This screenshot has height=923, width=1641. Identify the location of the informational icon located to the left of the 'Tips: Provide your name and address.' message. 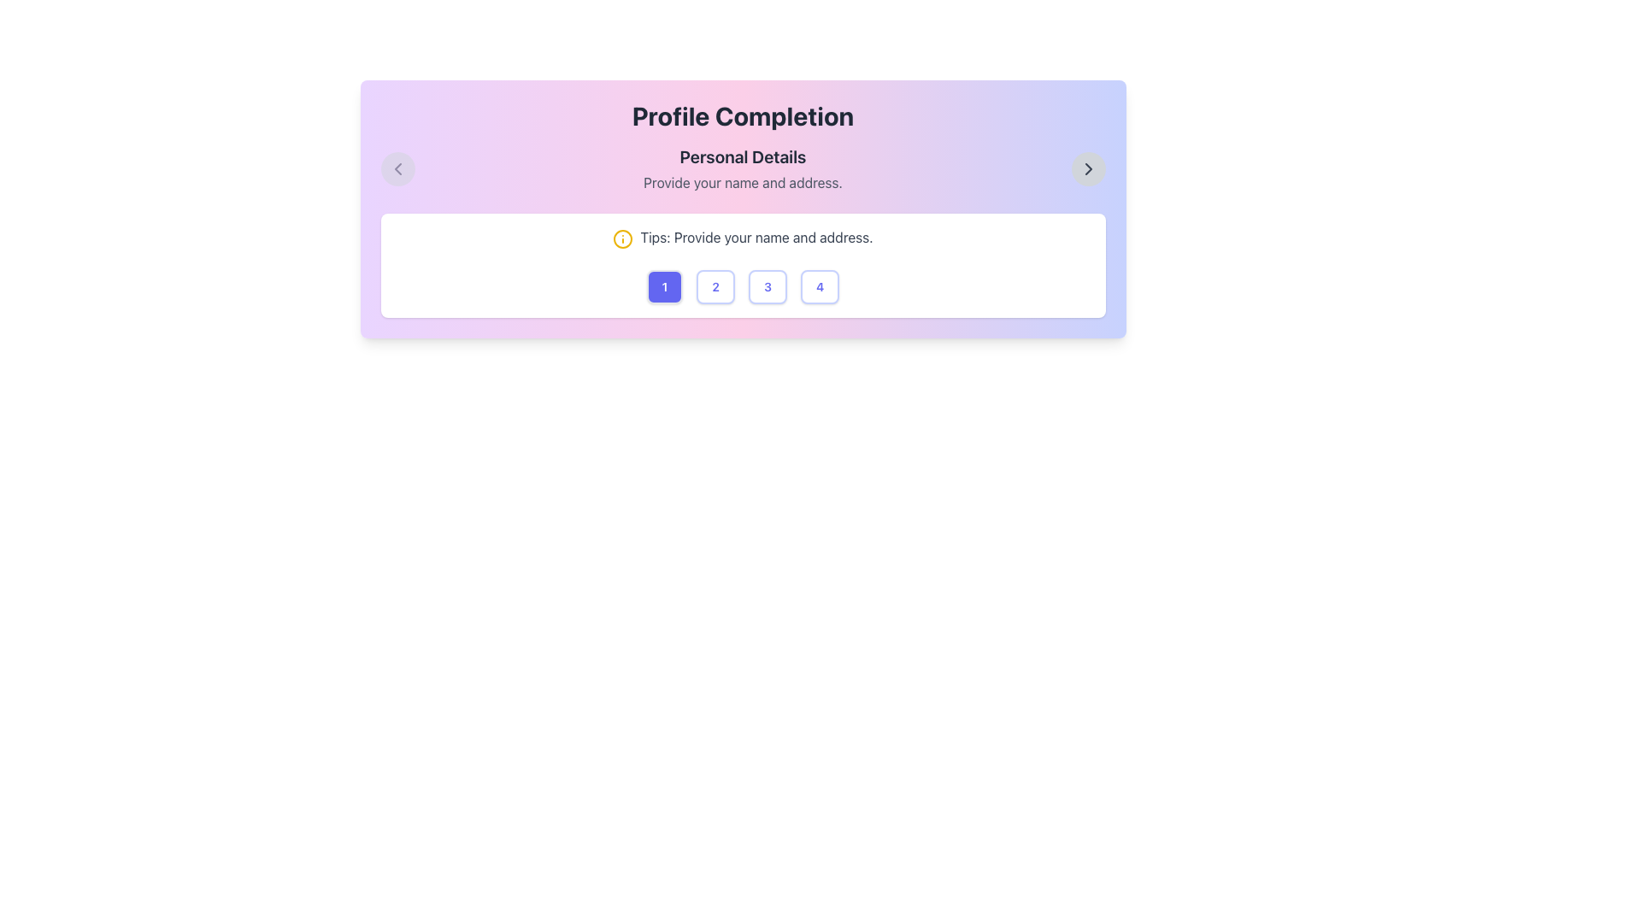
(622, 238).